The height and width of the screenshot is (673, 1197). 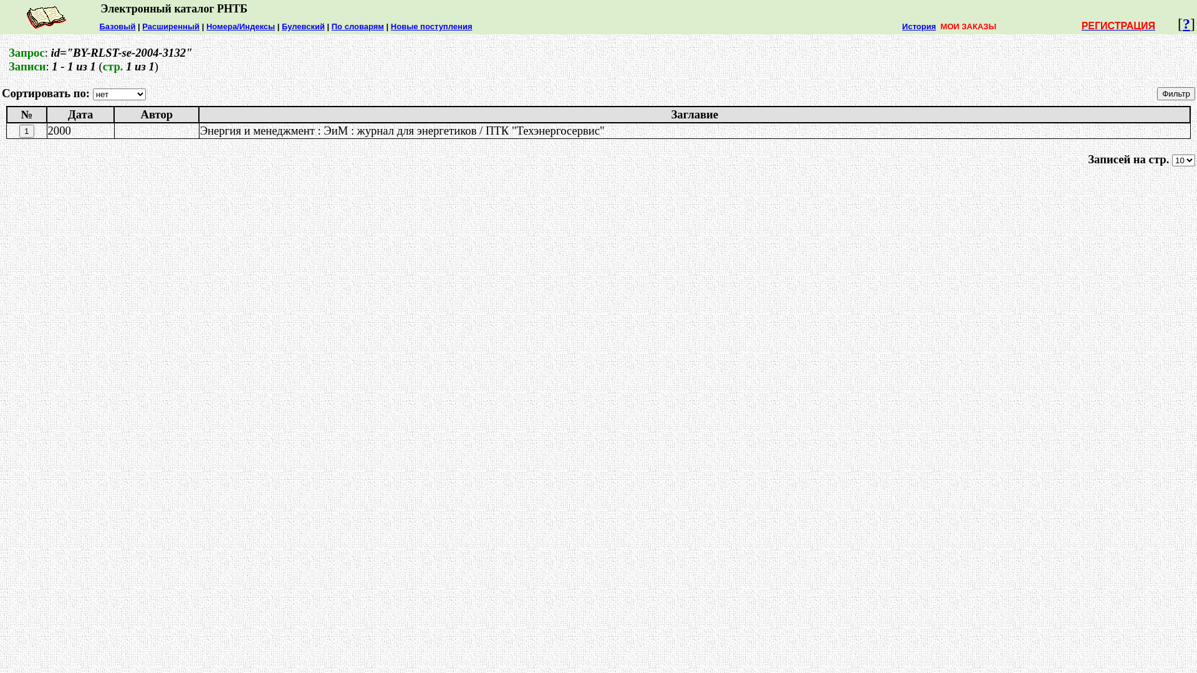 What do you see at coordinates (1185, 24) in the screenshot?
I see `'?'` at bounding box center [1185, 24].